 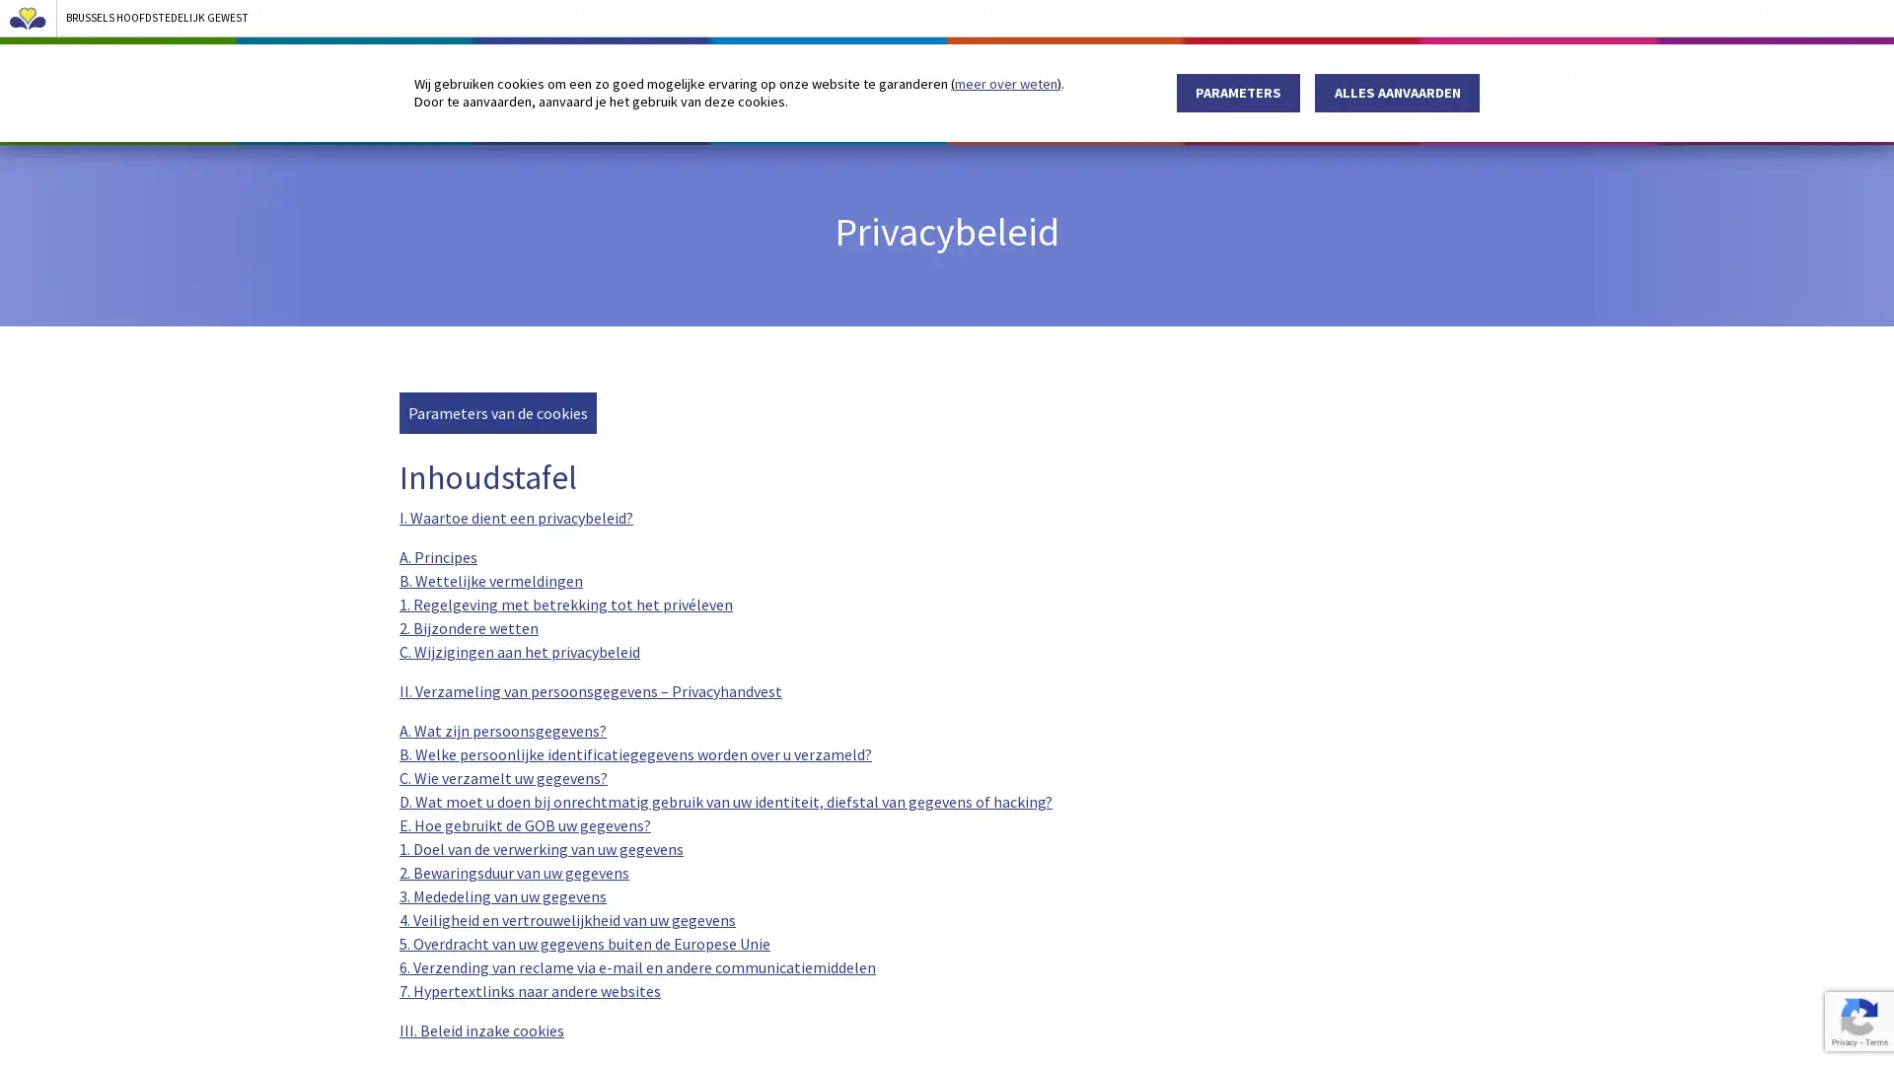 What do you see at coordinates (1396, 92) in the screenshot?
I see `ALLES AANVAARDEN` at bounding box center [1396, 92].